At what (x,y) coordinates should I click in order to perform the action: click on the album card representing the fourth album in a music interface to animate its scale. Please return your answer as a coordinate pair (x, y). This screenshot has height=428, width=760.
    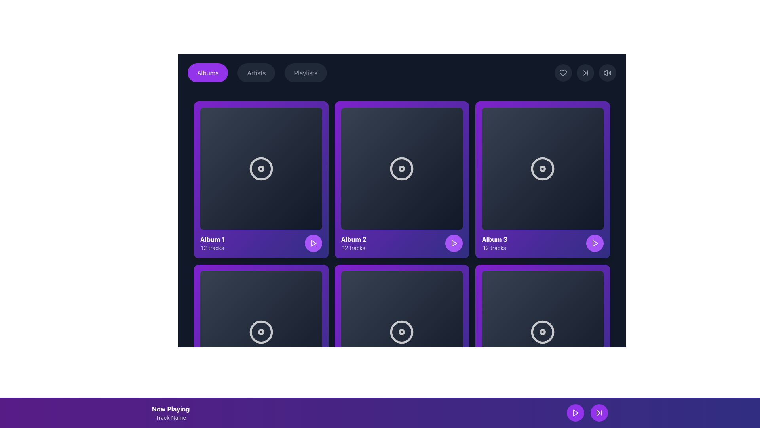
    Looking at the image, I should click on (261, 342).